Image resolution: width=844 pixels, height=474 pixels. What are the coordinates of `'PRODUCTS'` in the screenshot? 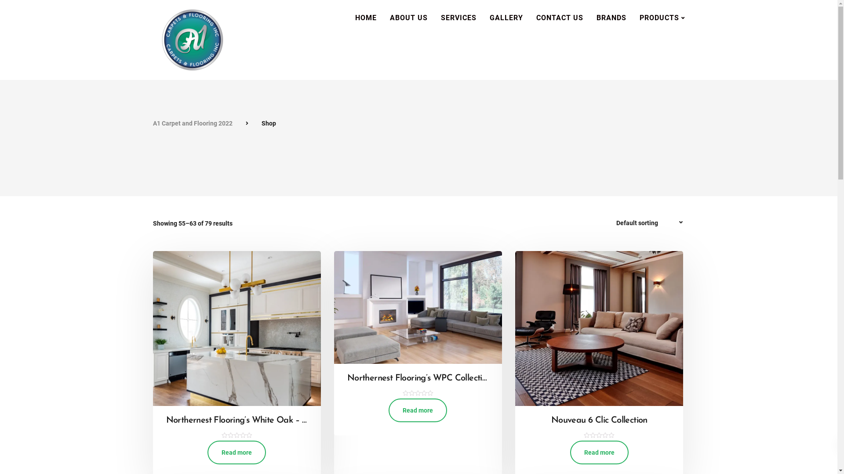 It's located at (662, 18).